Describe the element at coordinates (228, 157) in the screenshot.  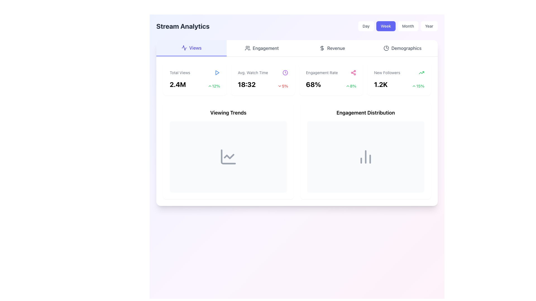
I see `the SVG image icon illustrating a line chart with a gray stroke color, located centrally within a large rounded rectangle box in the left panel under 'Viewing Trends'` at that location.